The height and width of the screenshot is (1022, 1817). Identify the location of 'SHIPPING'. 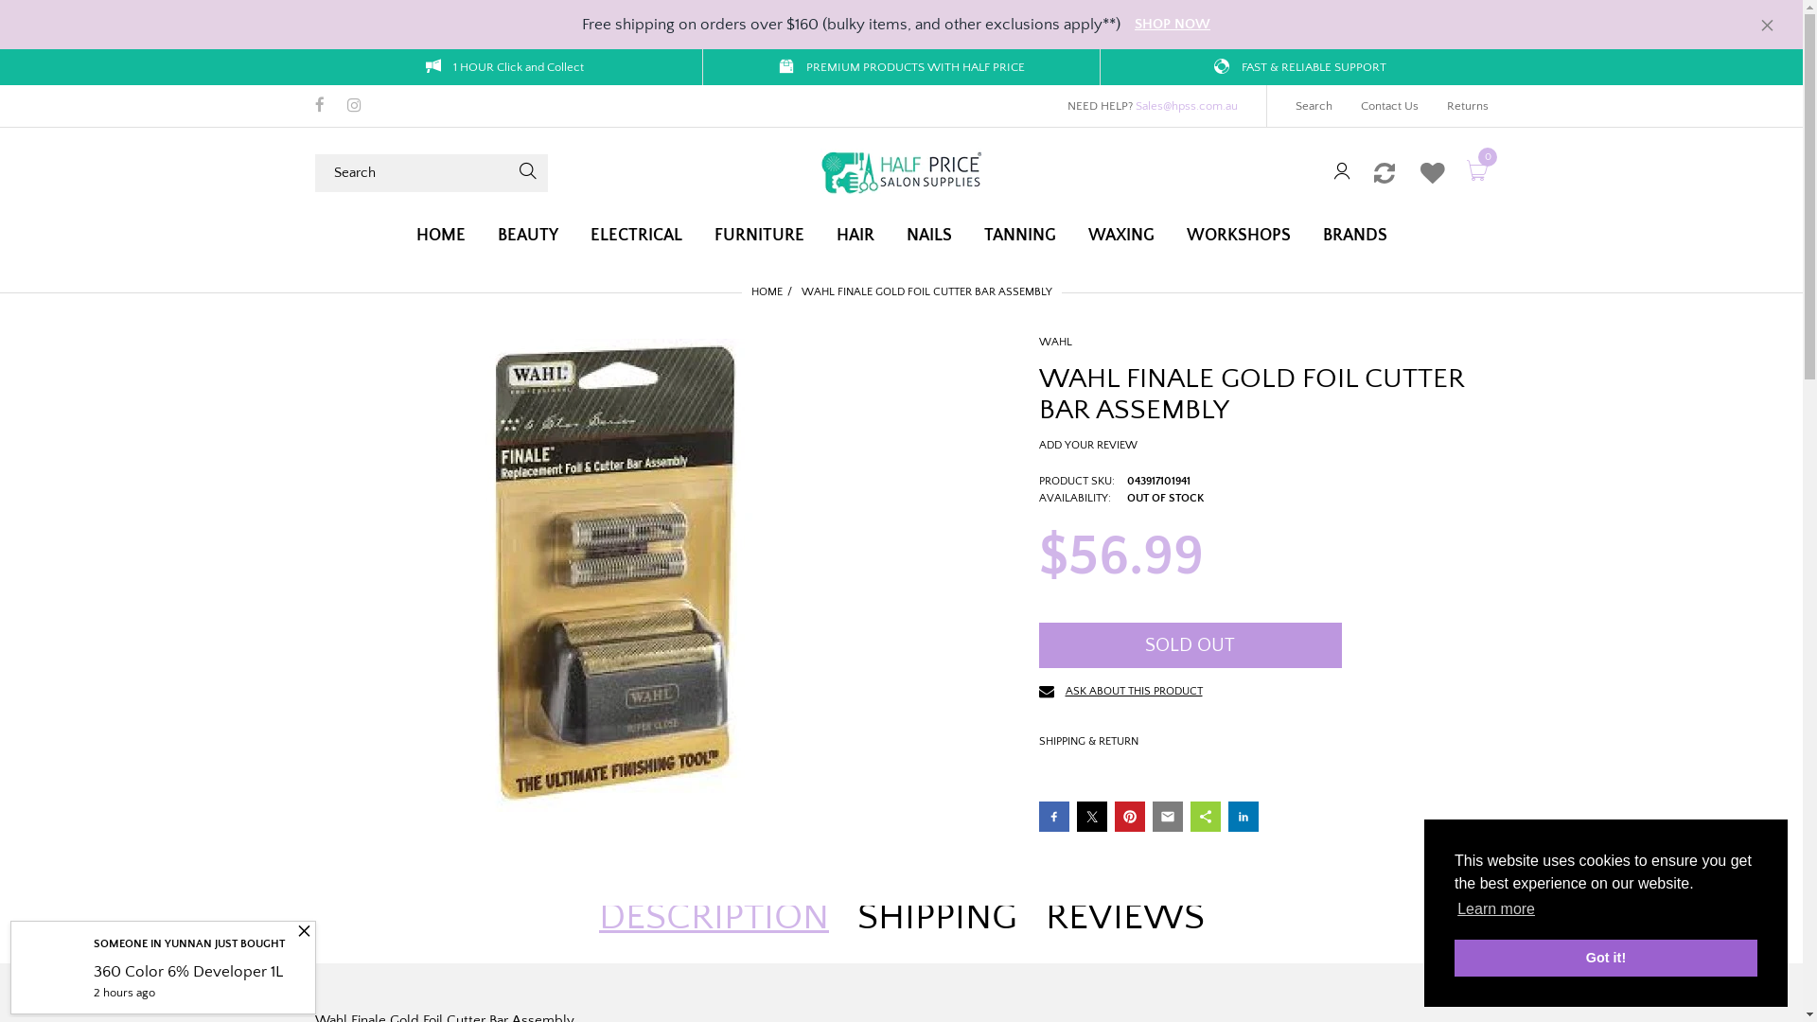
(937, 915).